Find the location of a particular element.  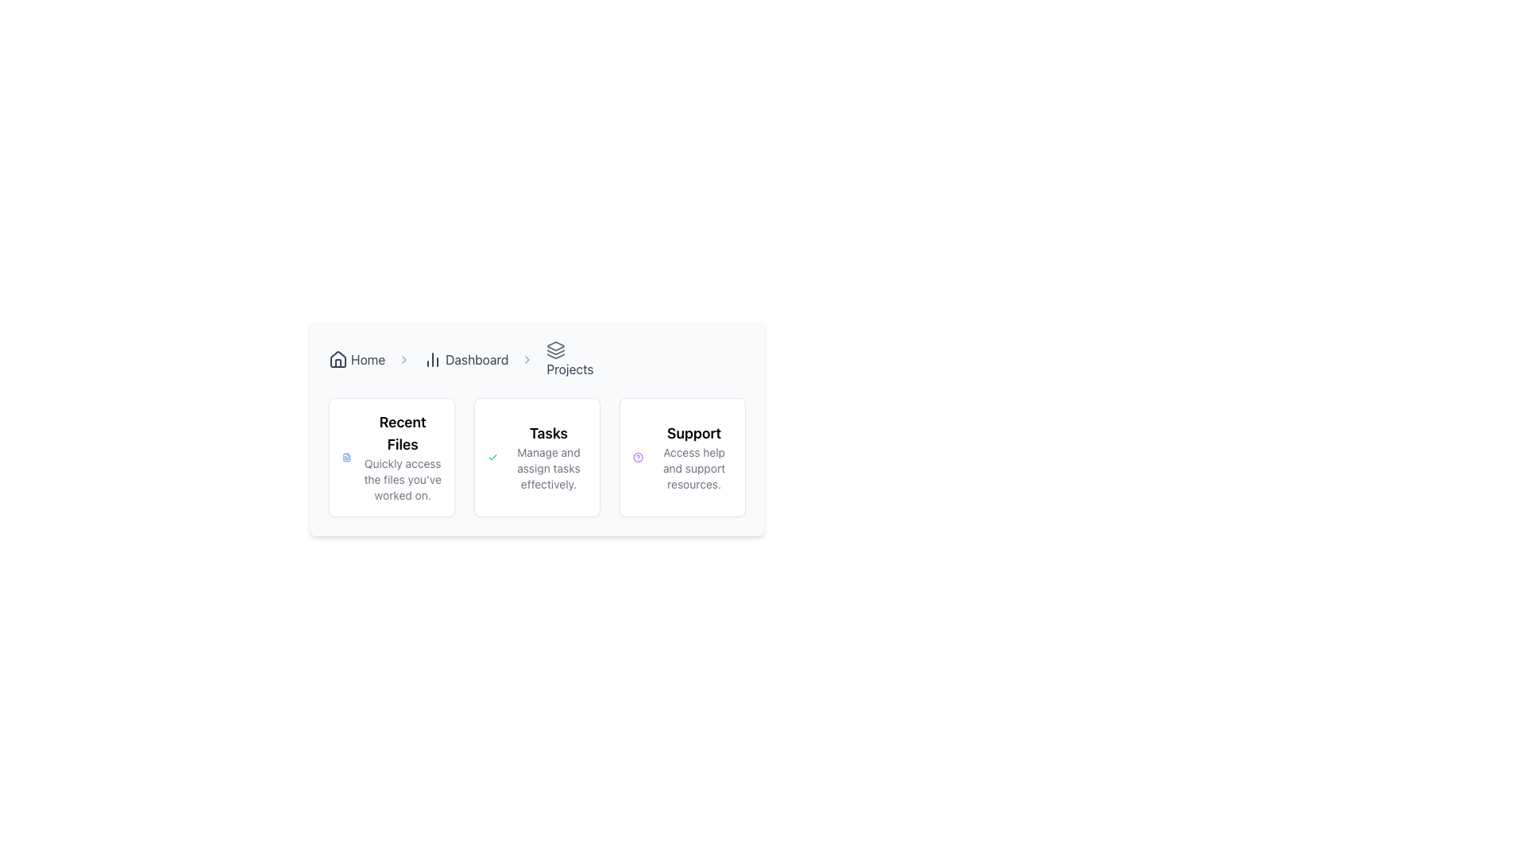

the document icon with a blue color located in the recent files section beneath the breadcrumb navigation is located at coordinates (346, 457).